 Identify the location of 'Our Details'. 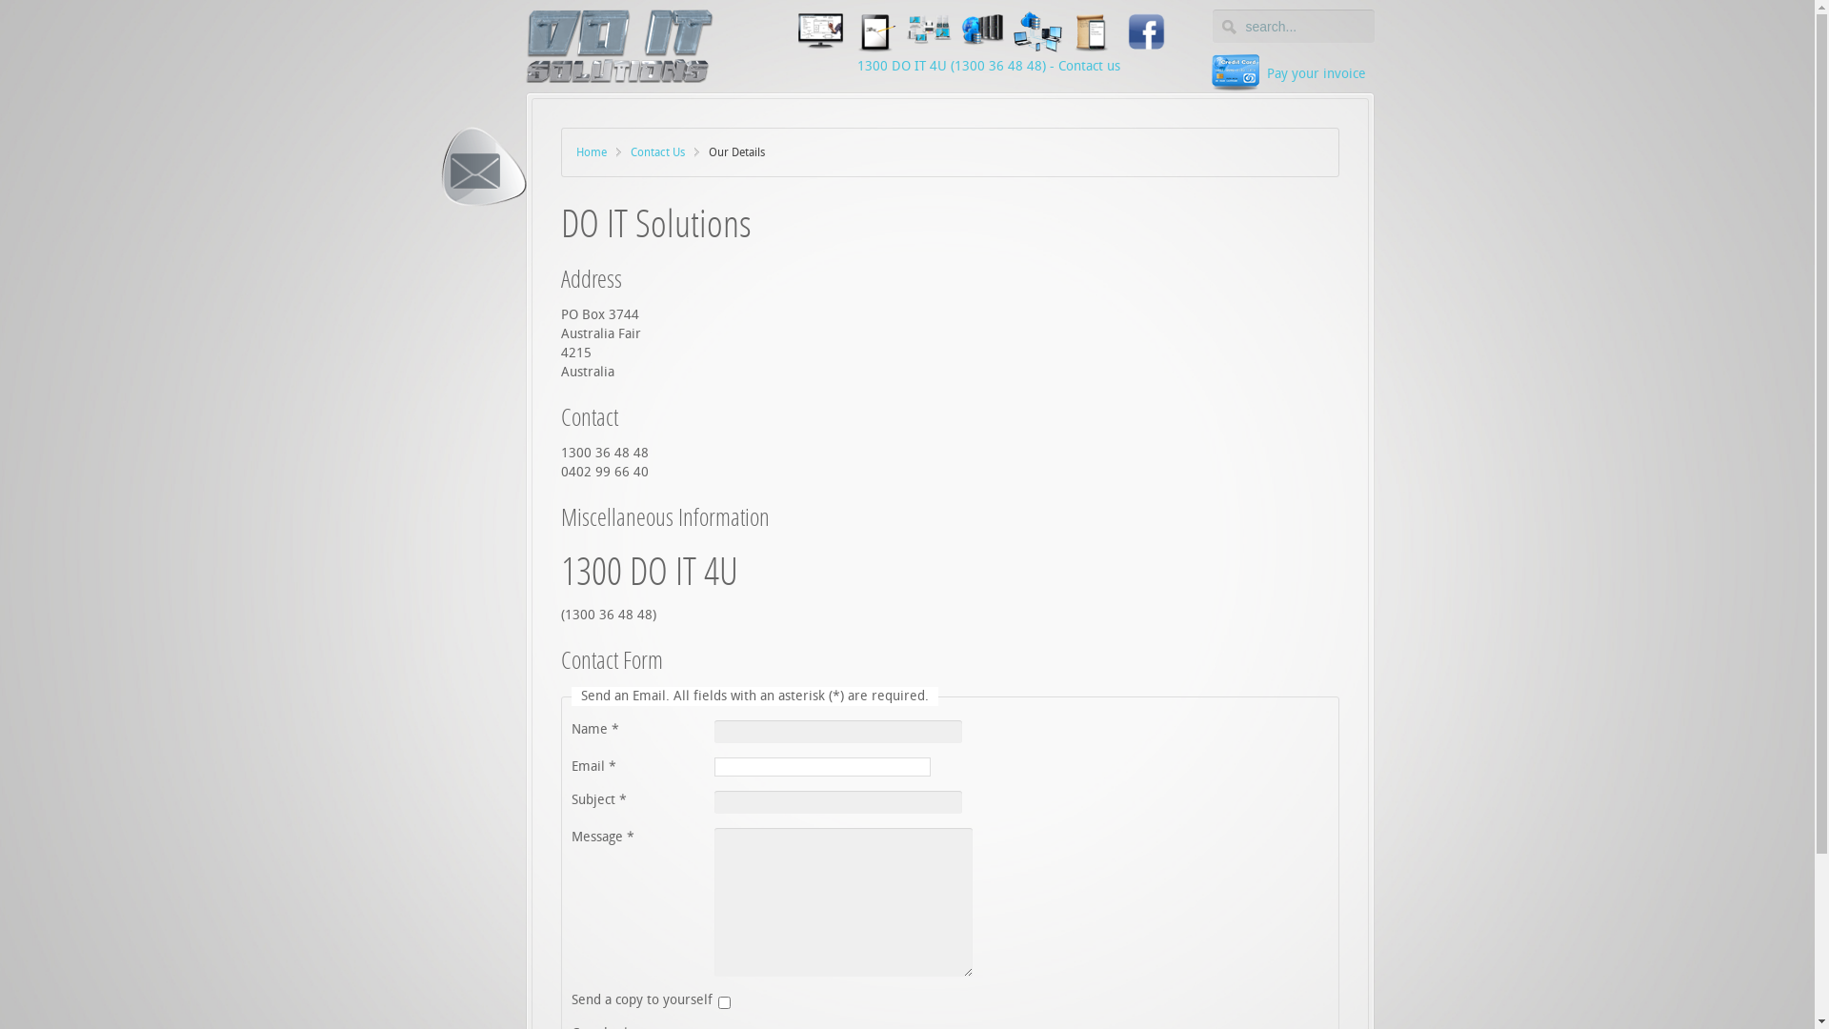
(483, 168).